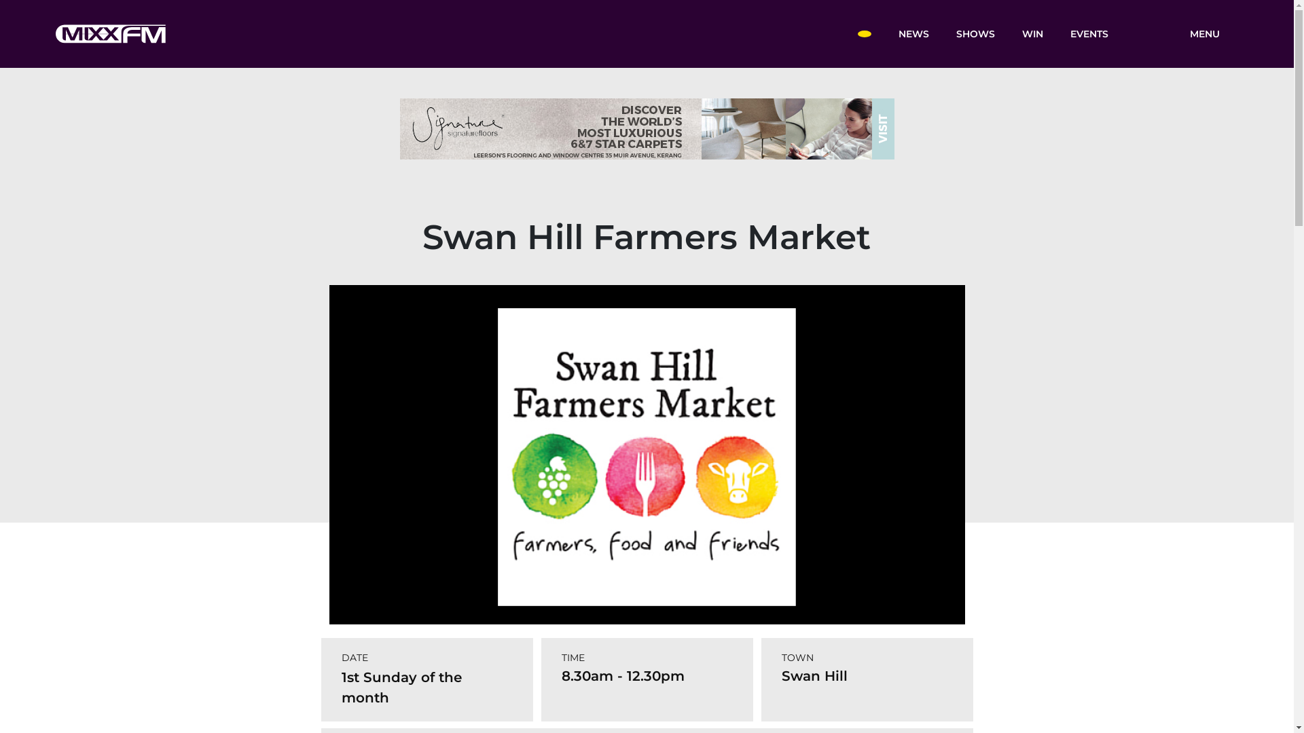 Image resolution: width=1304 pixels, height=733 pixels. What do you see at coordinates (1032, 33) in the screenshot?
I see `'WIN'` at bounding box center [1032, 33].